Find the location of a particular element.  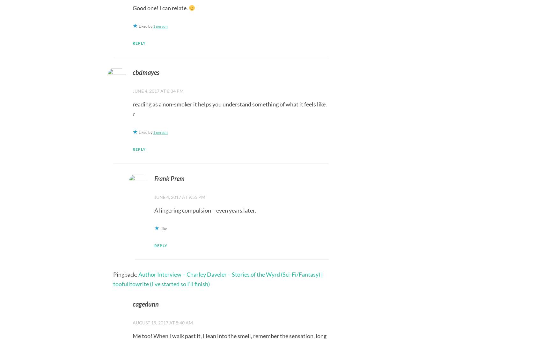

'Good one! I can relate.' is located at coordinates (160, 7).